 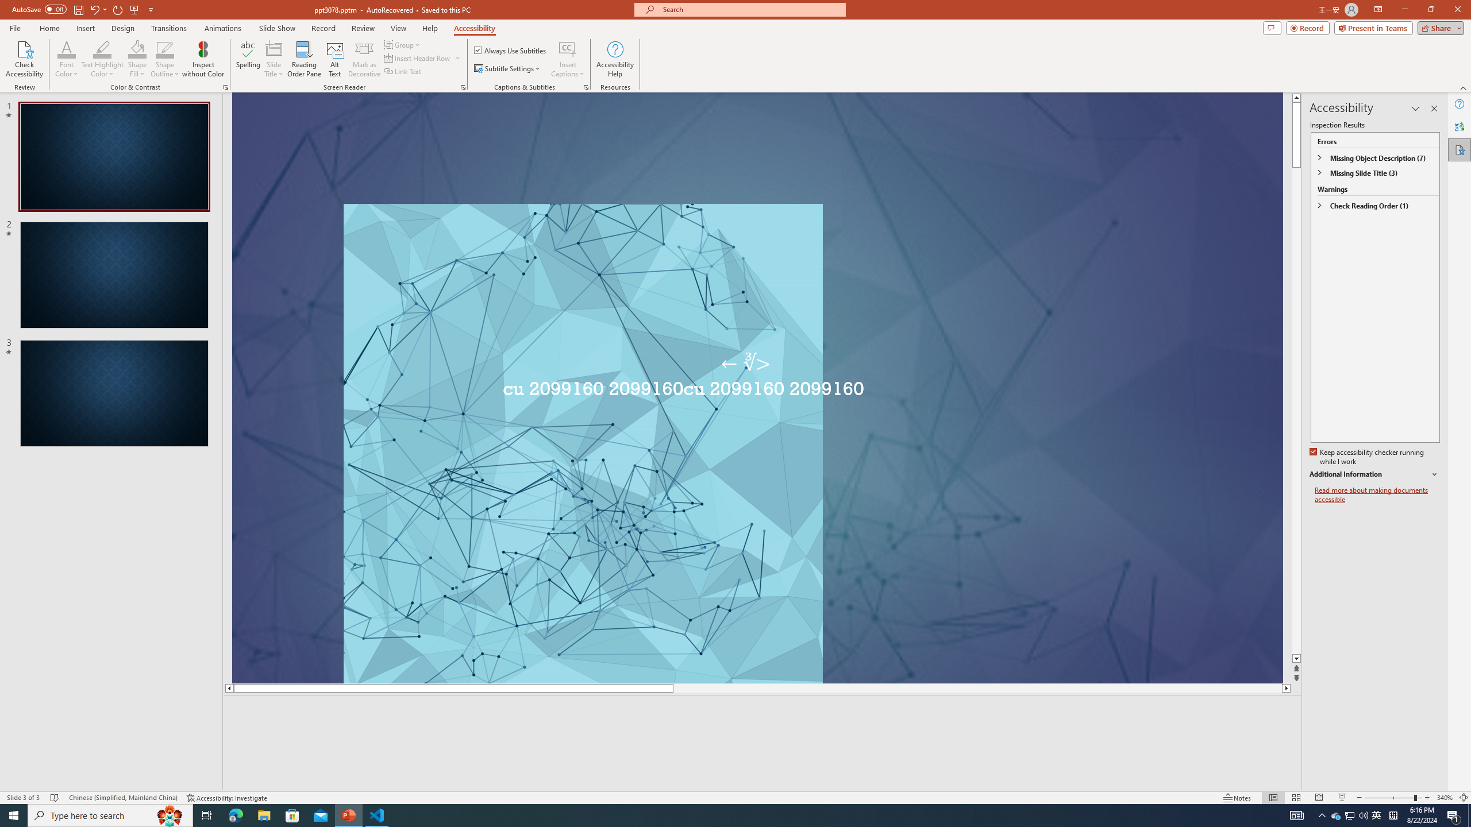 What do you see at coordinates (510, 50) in the screenshot?
I see `'Always Use Subtitles'` at bounding box center [510, 50].